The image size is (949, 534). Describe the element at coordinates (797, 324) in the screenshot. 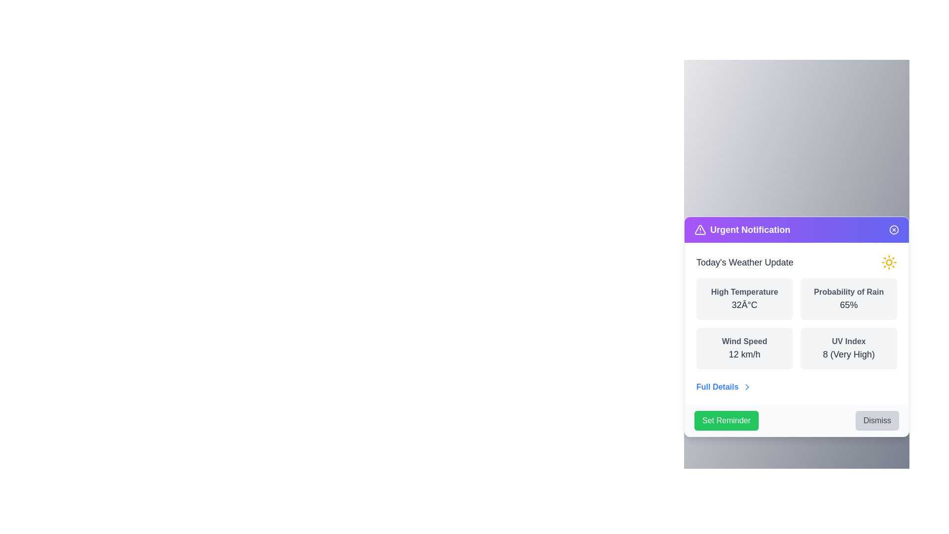

I see `the Grid of informational cards that displays weather metrics, located within the 'Today's Weather Update' section` at that location.